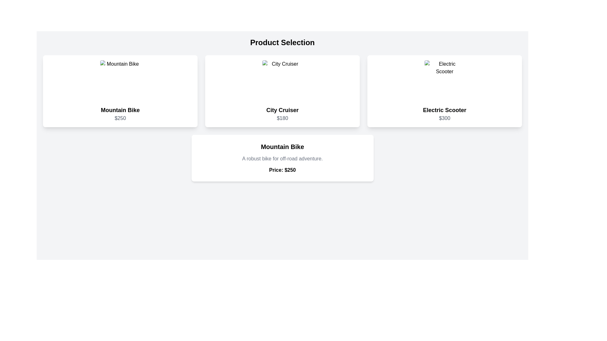  What do you see at coordinates (282, 43) in the screenshot?
I see `the Header text that reads 'Product Selection', which is bold and large-sized, located at the top of the page, centered horizontally` at bounding box center [282, 43].